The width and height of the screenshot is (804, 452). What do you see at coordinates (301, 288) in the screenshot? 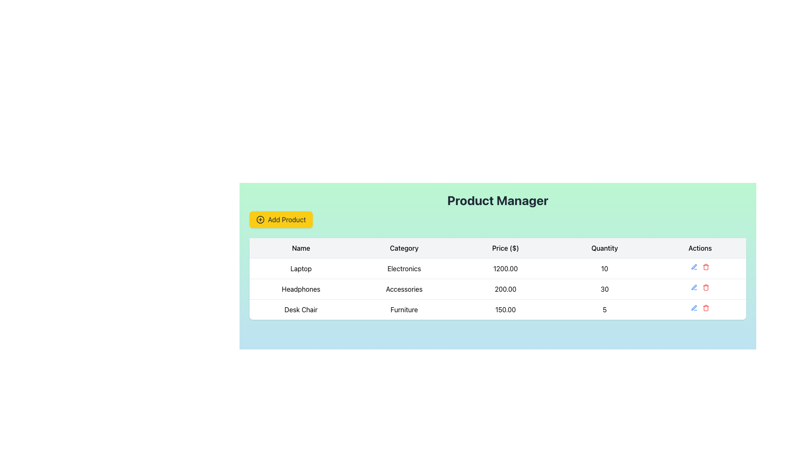
I see `the Text Label that identifies the product name 'Headphones', located in the second row of the first column under the header 'Name' in the table` at bounding box center [301, 288].